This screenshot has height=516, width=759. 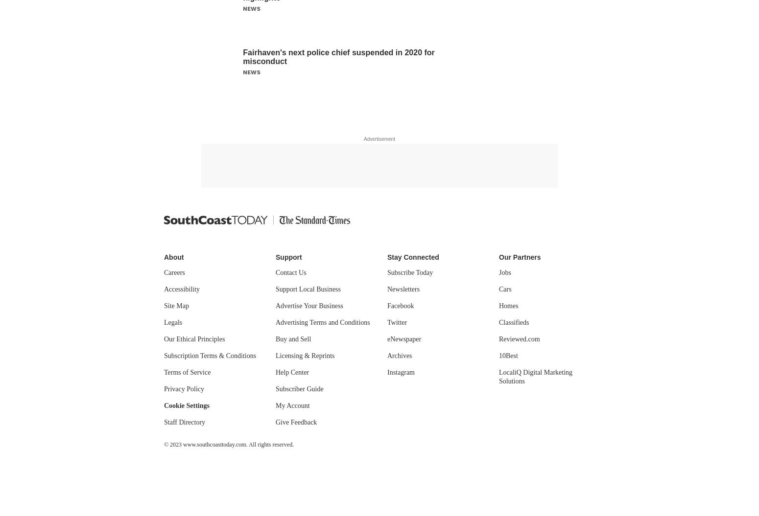 I want to click on 'Help Center', so click(x=275, y=372).